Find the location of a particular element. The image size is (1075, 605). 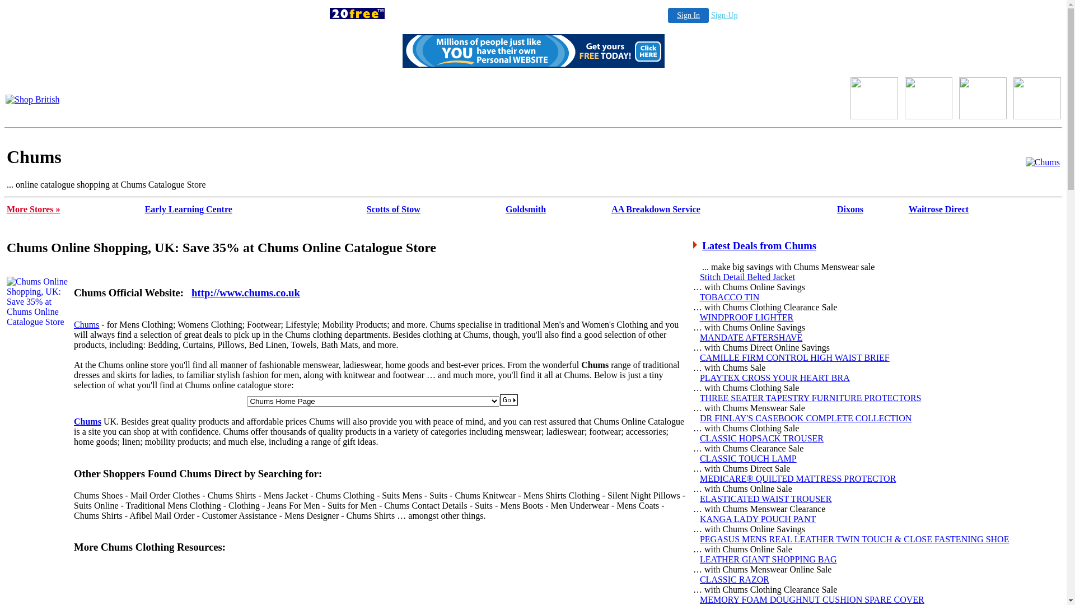

'http://www.chums.co.uk' is located at coordinates (245, 292).